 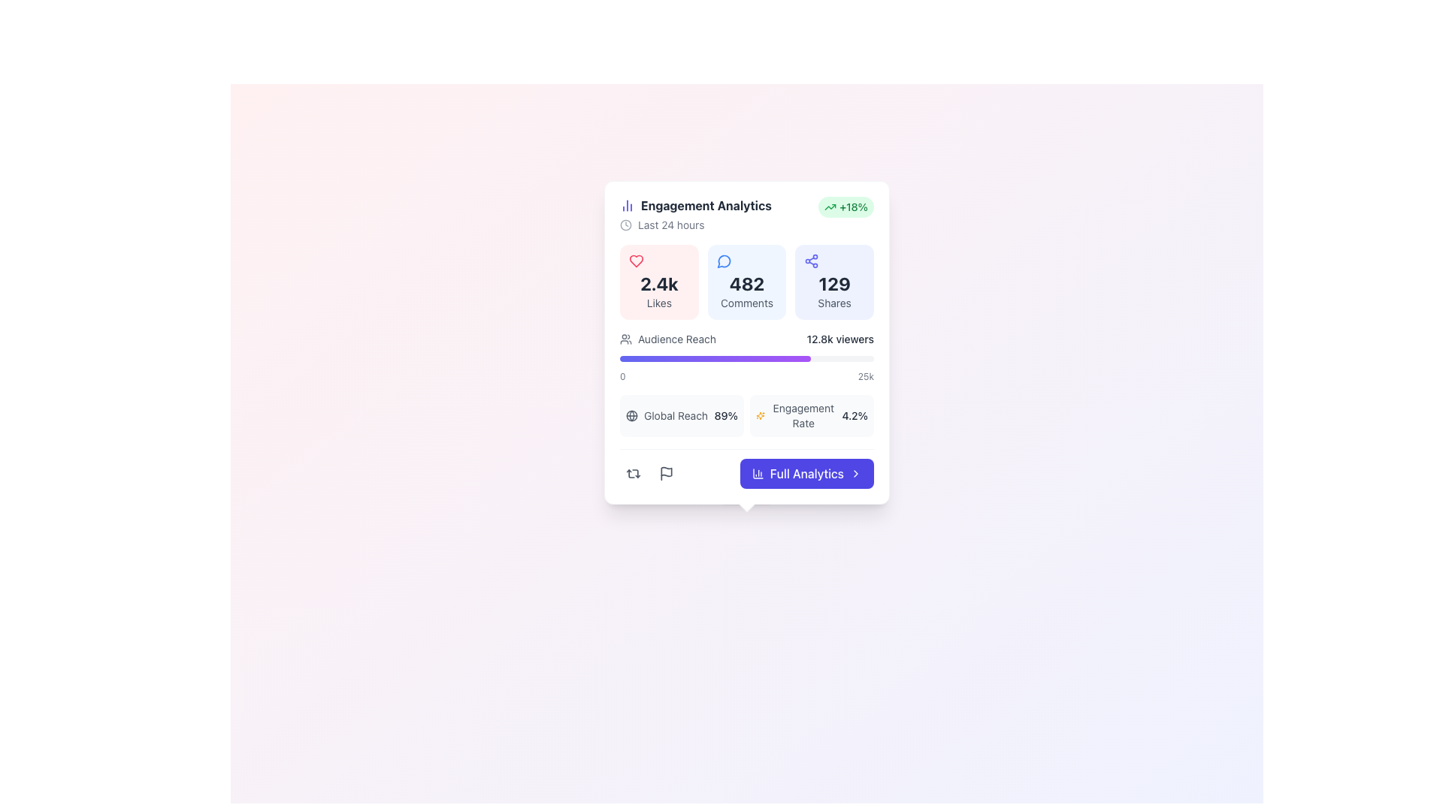 What do you see at coordinates (866, 375) in the screenshot?
I see `text element representing the maximum reference value for the 'Audience Reach' bar located at the far right of the horizontal bar` at bounding box center [866, 375].